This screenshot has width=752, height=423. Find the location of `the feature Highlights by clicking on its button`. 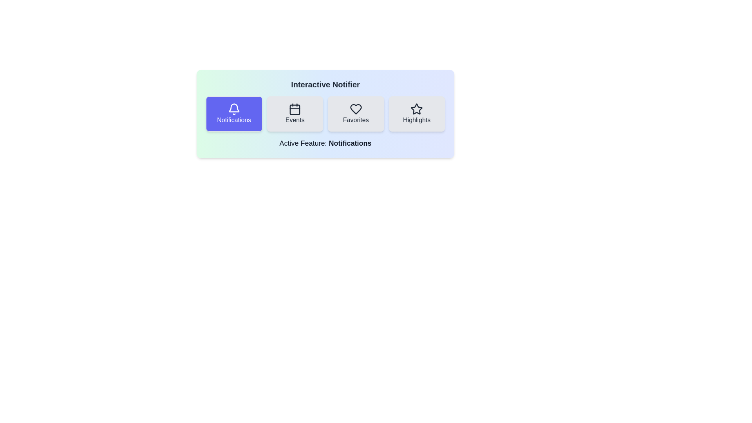

the feature Highlights by clicking on its button is located at coordinates (416, 114).